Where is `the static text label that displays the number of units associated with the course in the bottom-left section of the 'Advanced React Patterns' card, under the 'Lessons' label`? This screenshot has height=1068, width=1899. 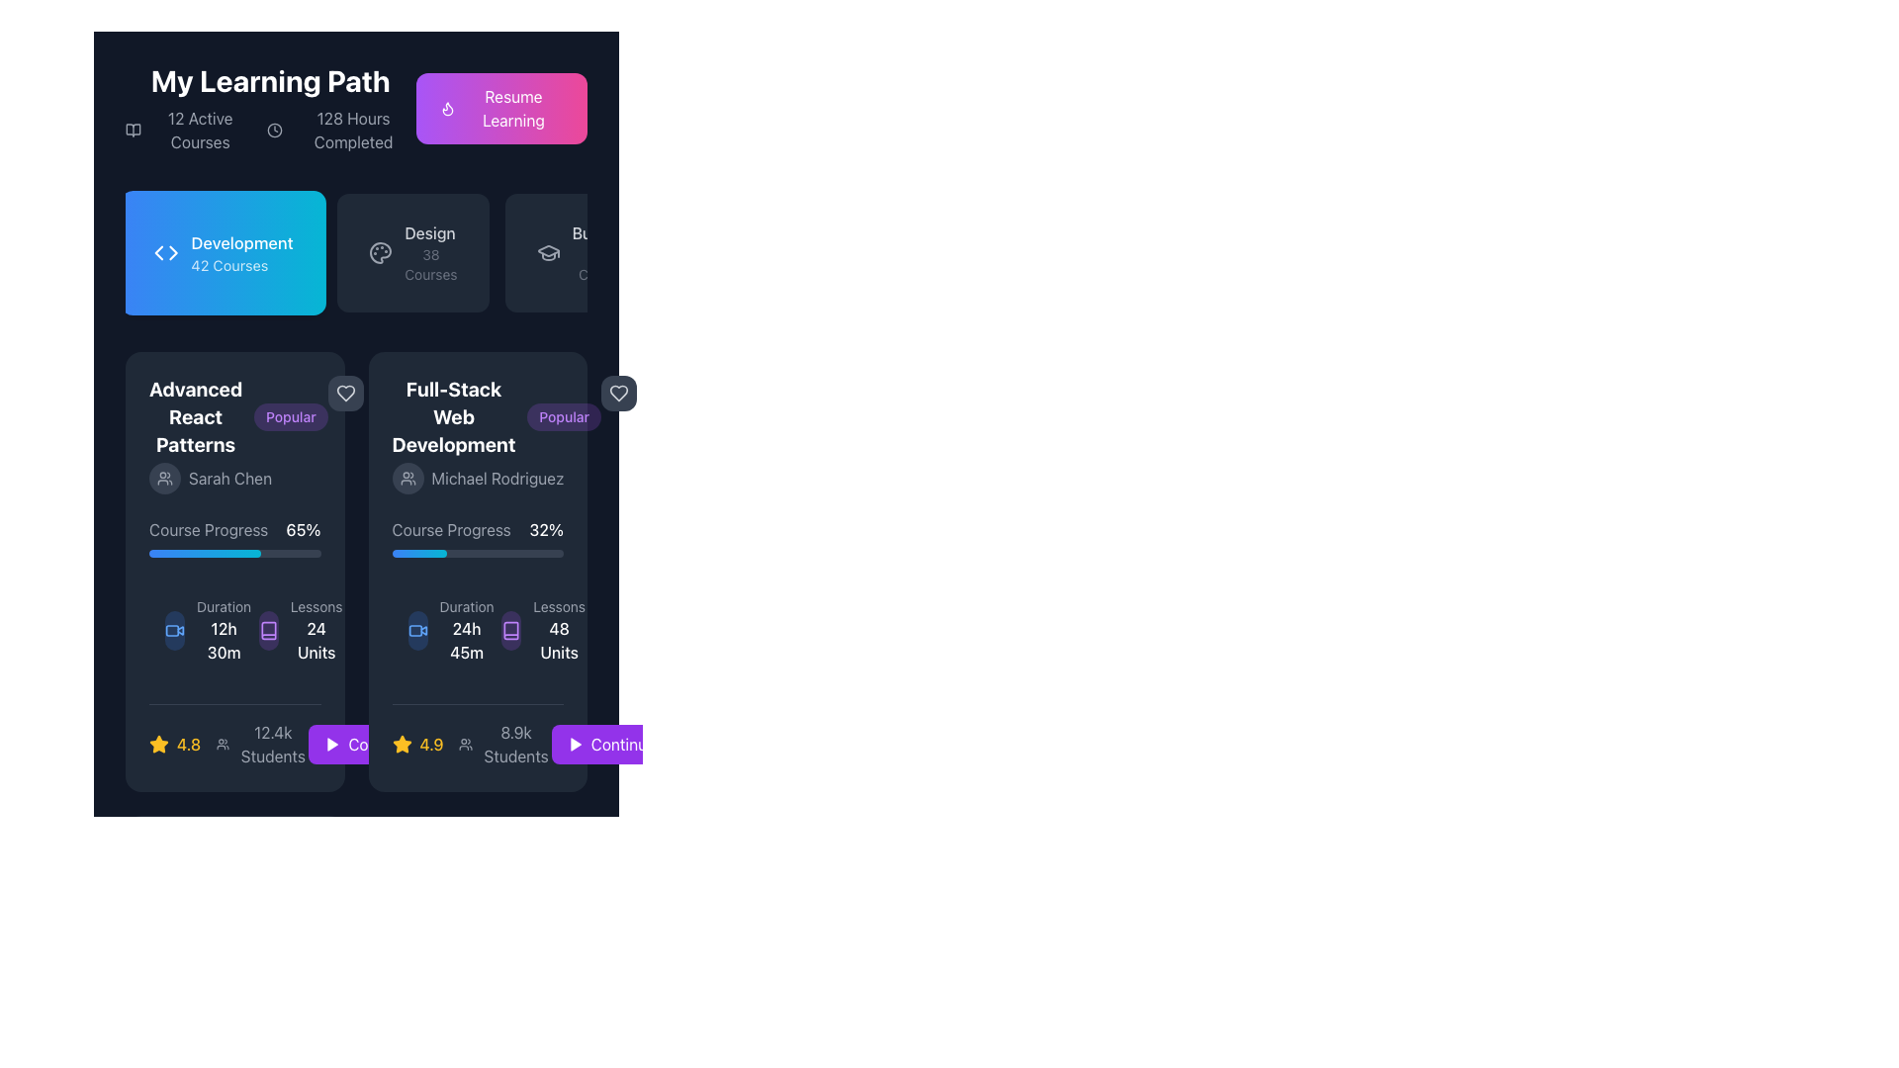 the static text label that displays the number of units associated with the course in the bottom-left section of the 'Advanced React Patterns' card, under the 'Lessons' label is located at coordinates (316, 641).